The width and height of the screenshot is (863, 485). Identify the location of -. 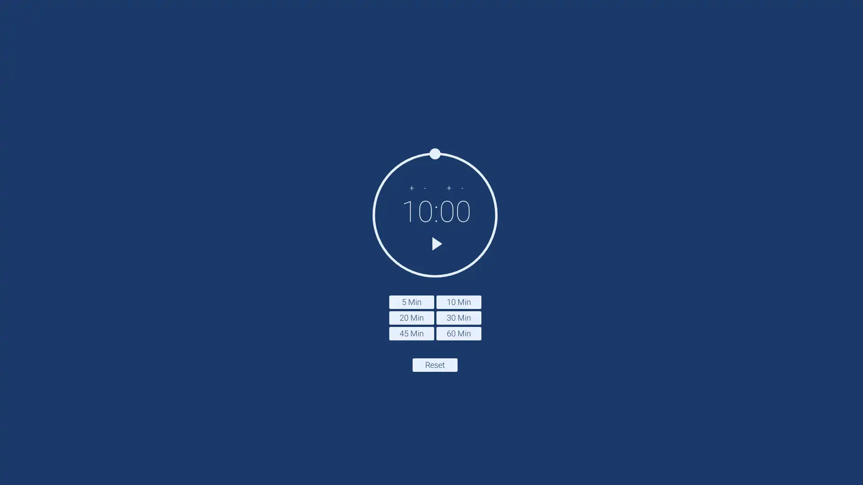
(424, 187).